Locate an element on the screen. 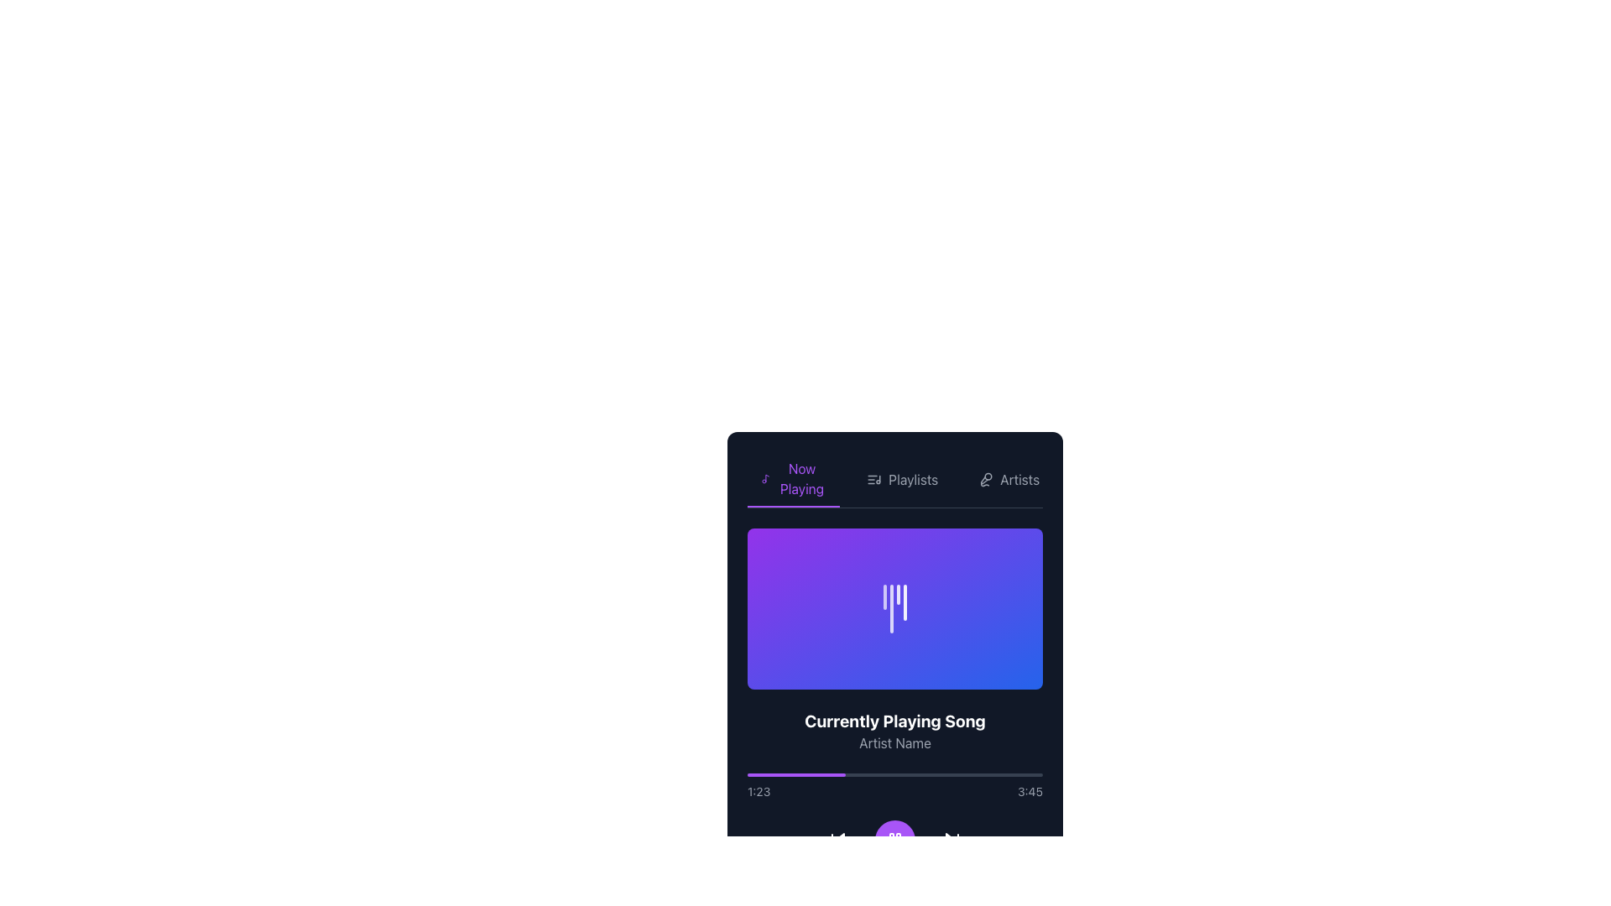 This screenshot has height=906, width=1611. the progress visually on the progress bar segment located near the bottom of the interface, representing the progress of a task or activity is located at coordinates (795, 775).